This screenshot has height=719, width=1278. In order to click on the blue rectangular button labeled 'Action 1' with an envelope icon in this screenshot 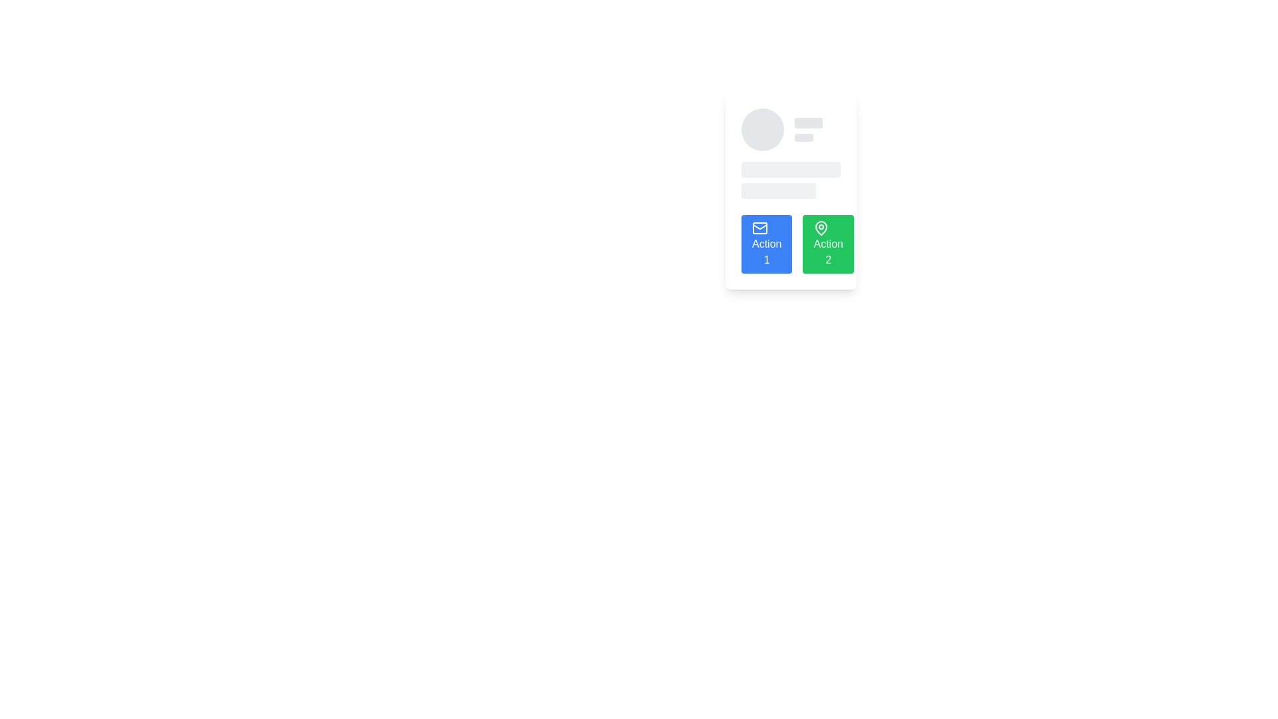, I will do `click(767, 244)`.